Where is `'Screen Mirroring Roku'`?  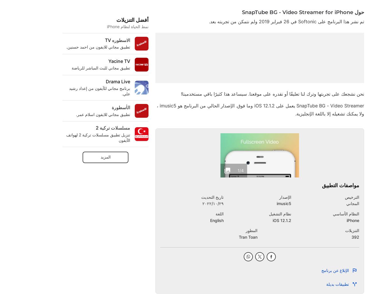 'Screen Mirroring Roku' is located at coordinates (155, 50).